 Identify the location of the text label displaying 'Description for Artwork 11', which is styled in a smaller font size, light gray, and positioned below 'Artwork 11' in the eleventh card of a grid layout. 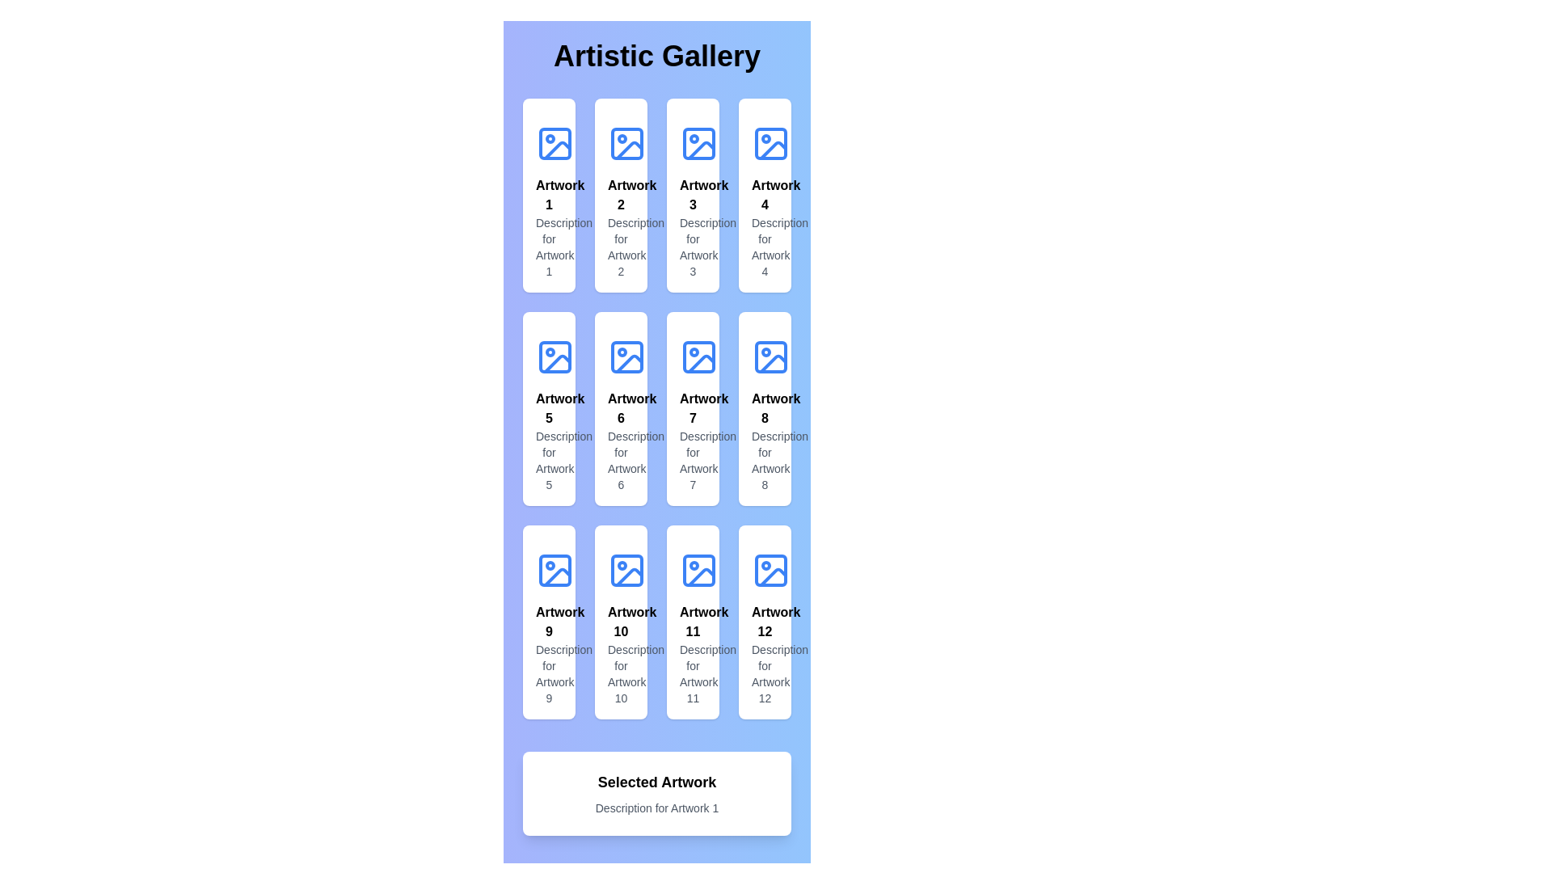
(693, 673).